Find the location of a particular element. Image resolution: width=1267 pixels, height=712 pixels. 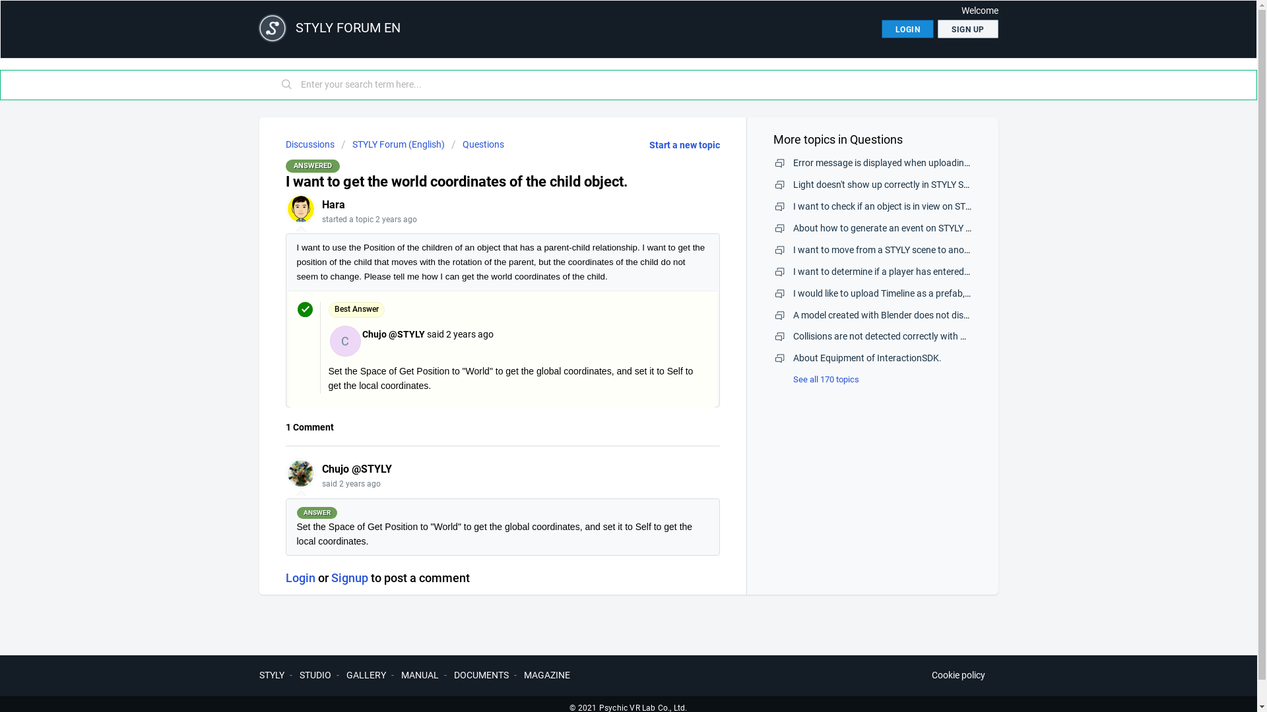

'Questions' is located at coordinates (477, 144).